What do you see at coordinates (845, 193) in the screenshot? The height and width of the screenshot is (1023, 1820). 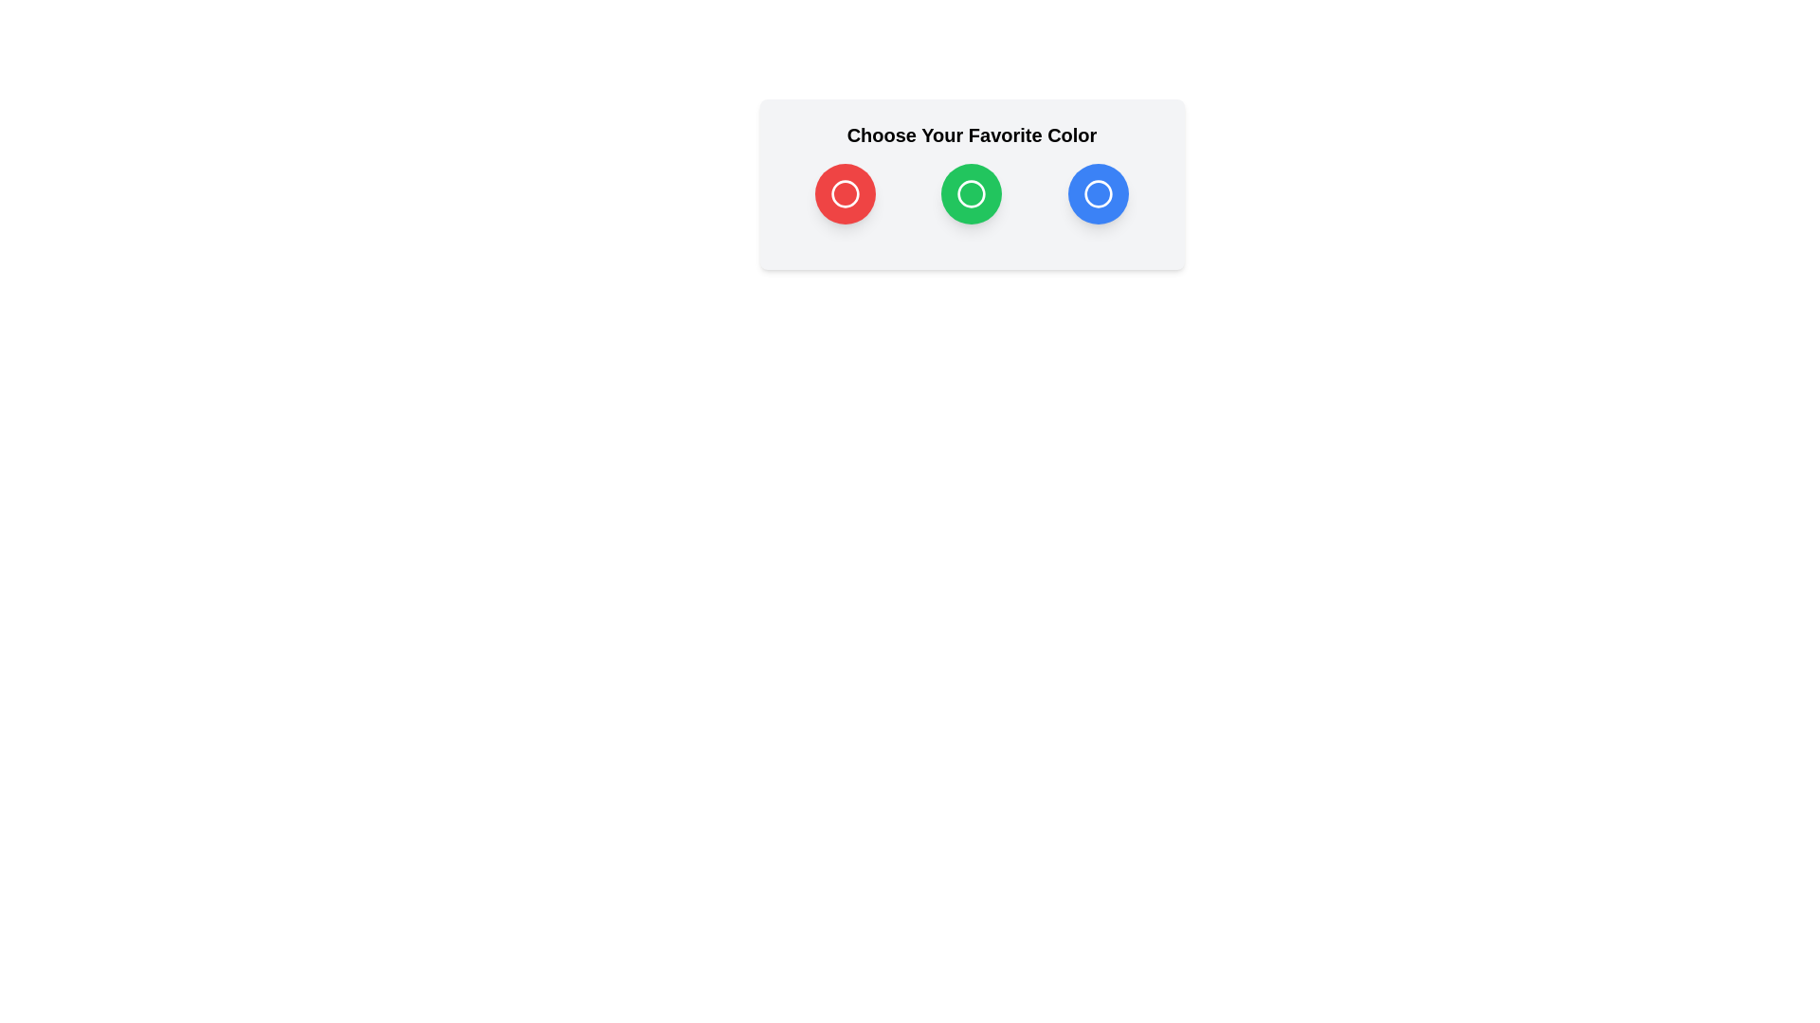 I see `the color Red from the options available` at bounding box center [845, 193].